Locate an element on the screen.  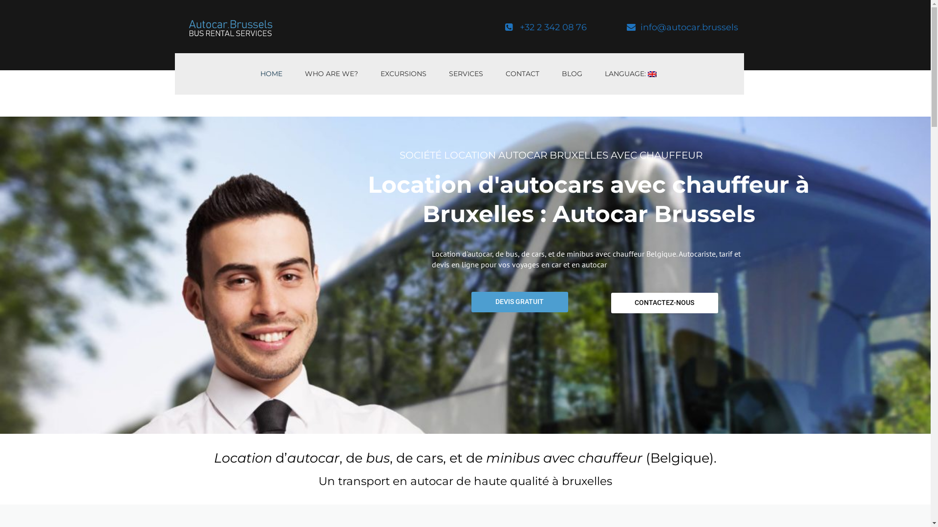
'HOME' is located at coordinates (250, 73).